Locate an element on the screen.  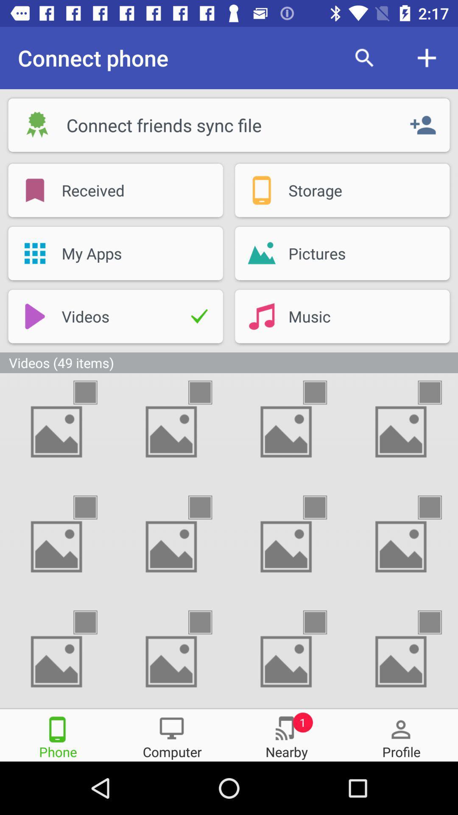
image is located at coordinates (322, 622).